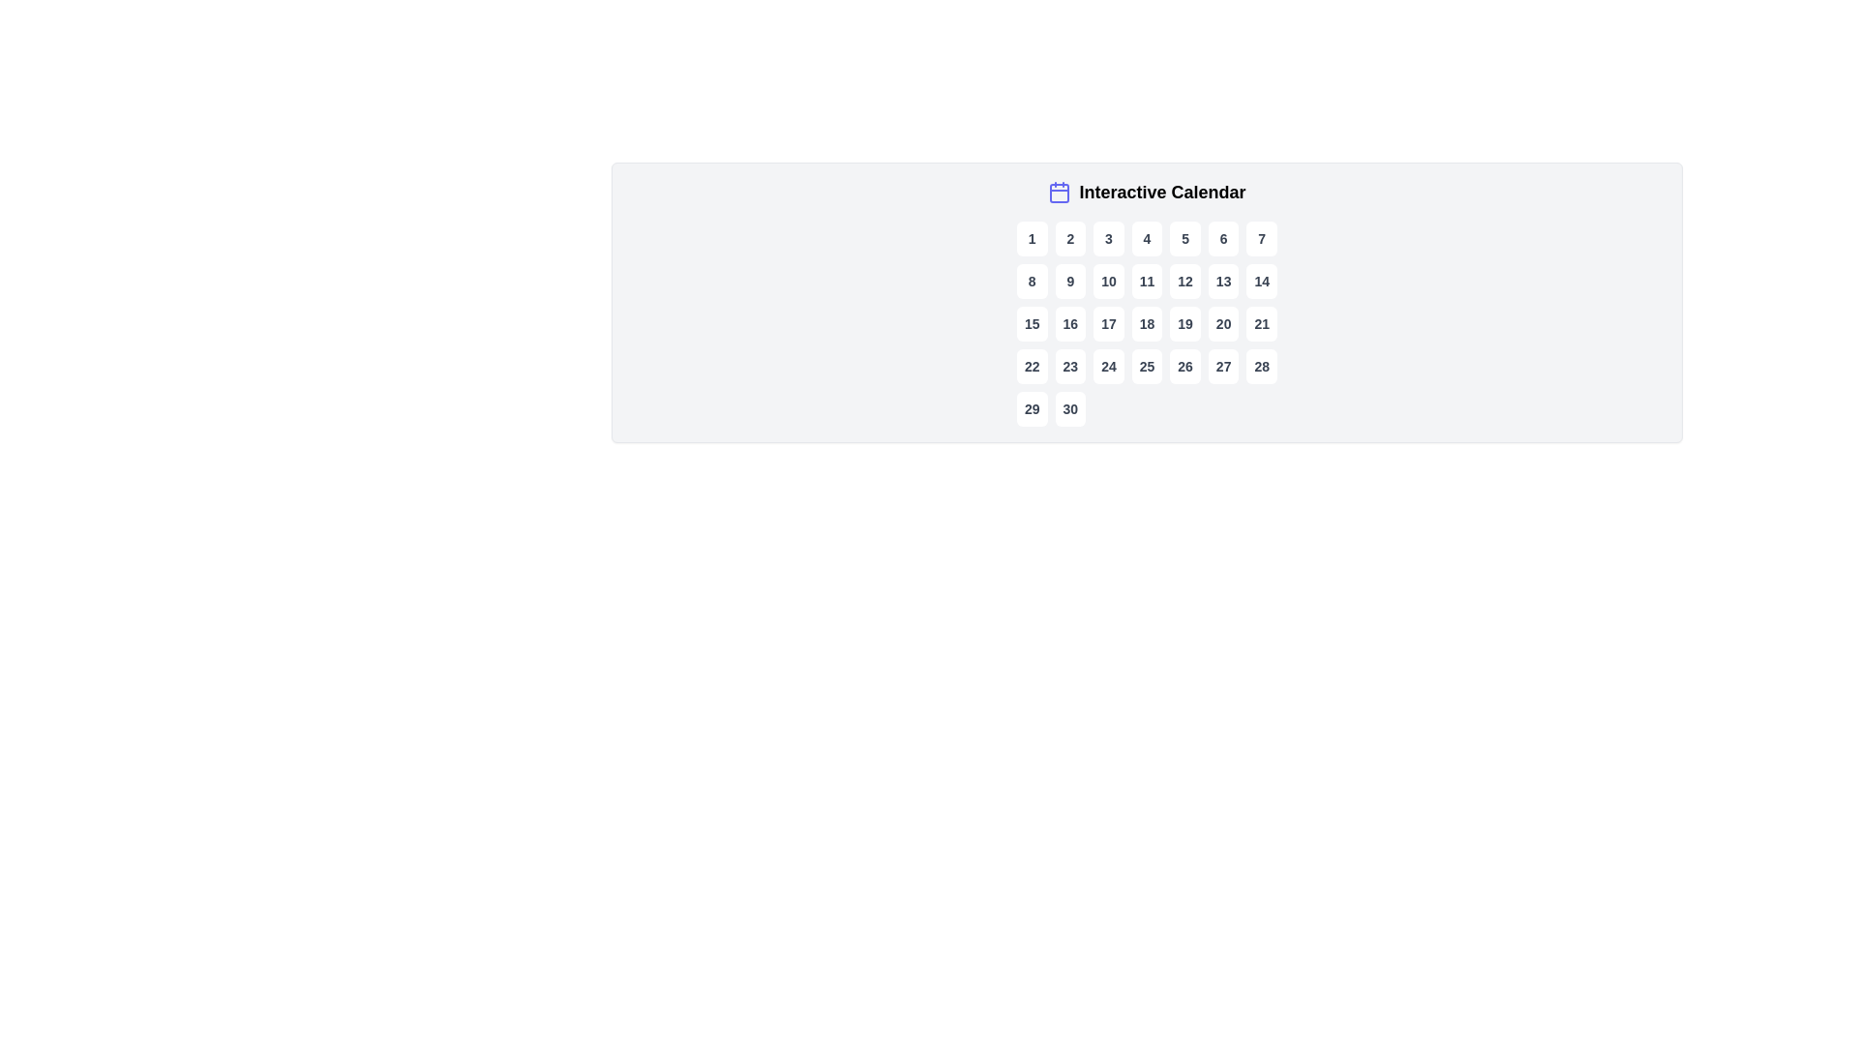 The image size is (1858, 1045). Describe the element at coordinates (1031, 281) in the screenshot. I see `the selectable date button in the calendar grid located in the second row and first column, directly below the number '1'` at that location.